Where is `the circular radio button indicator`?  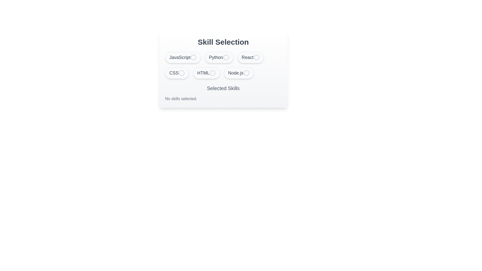 the circular radio button indicator is located at coordinates (226, 57).